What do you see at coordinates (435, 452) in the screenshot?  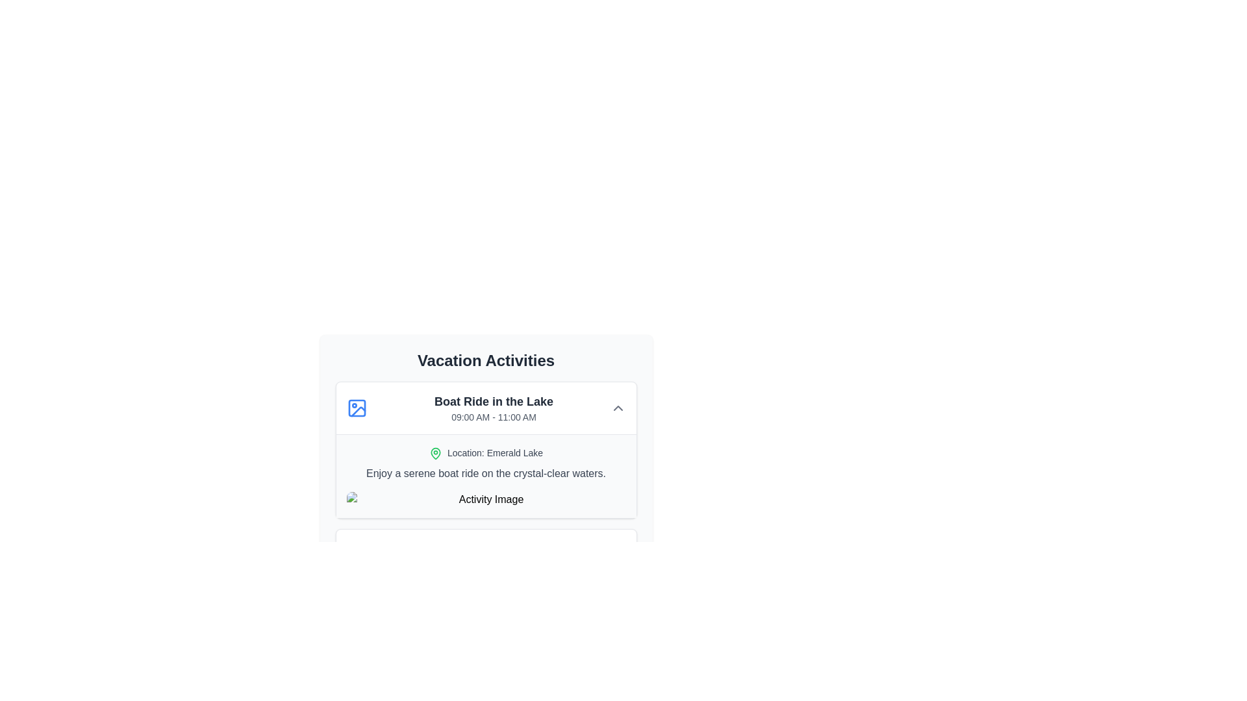 I see `the green and white location marker icon, which is a small map pin positioned to the left of the text 'Location: Emerald Lake'` at bounding box center [435, 452].